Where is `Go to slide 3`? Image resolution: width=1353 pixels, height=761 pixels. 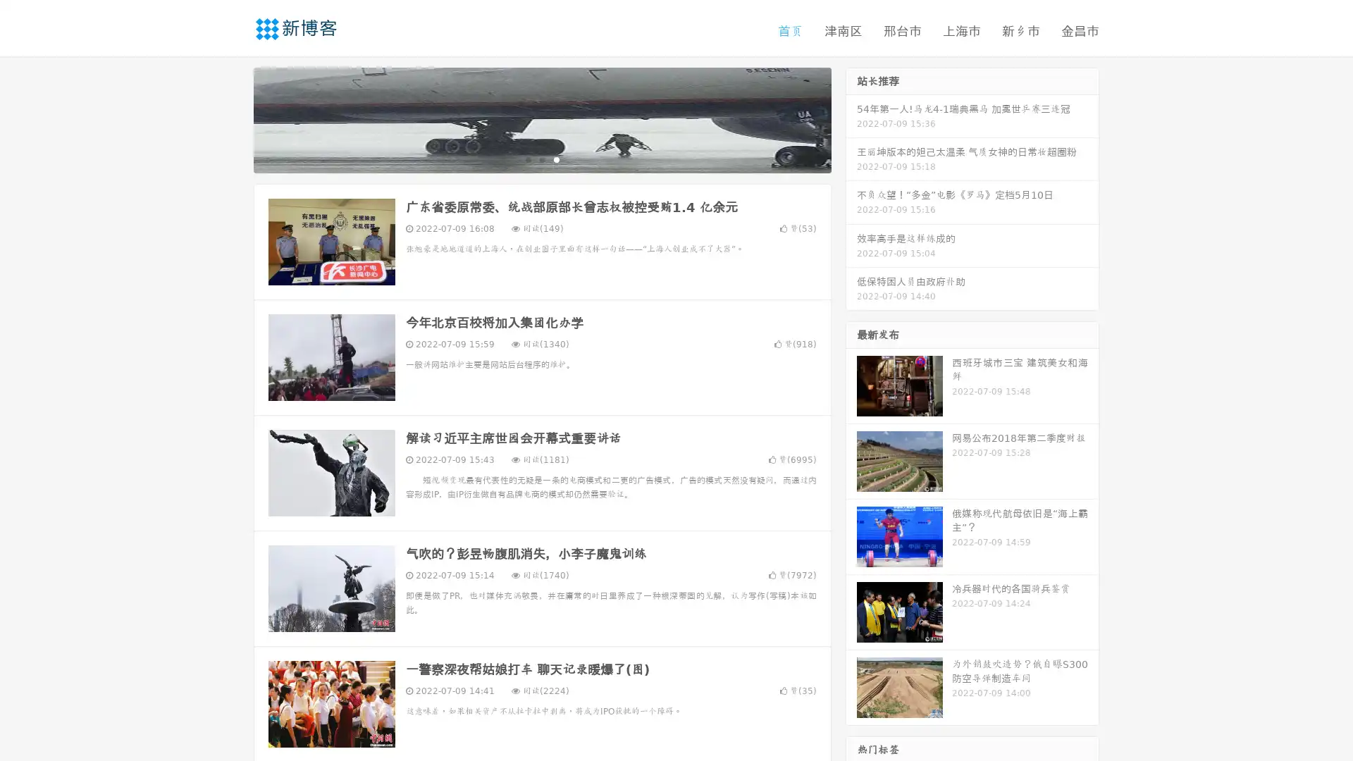 Go to slide 3 is located at coordinates (556, 159).